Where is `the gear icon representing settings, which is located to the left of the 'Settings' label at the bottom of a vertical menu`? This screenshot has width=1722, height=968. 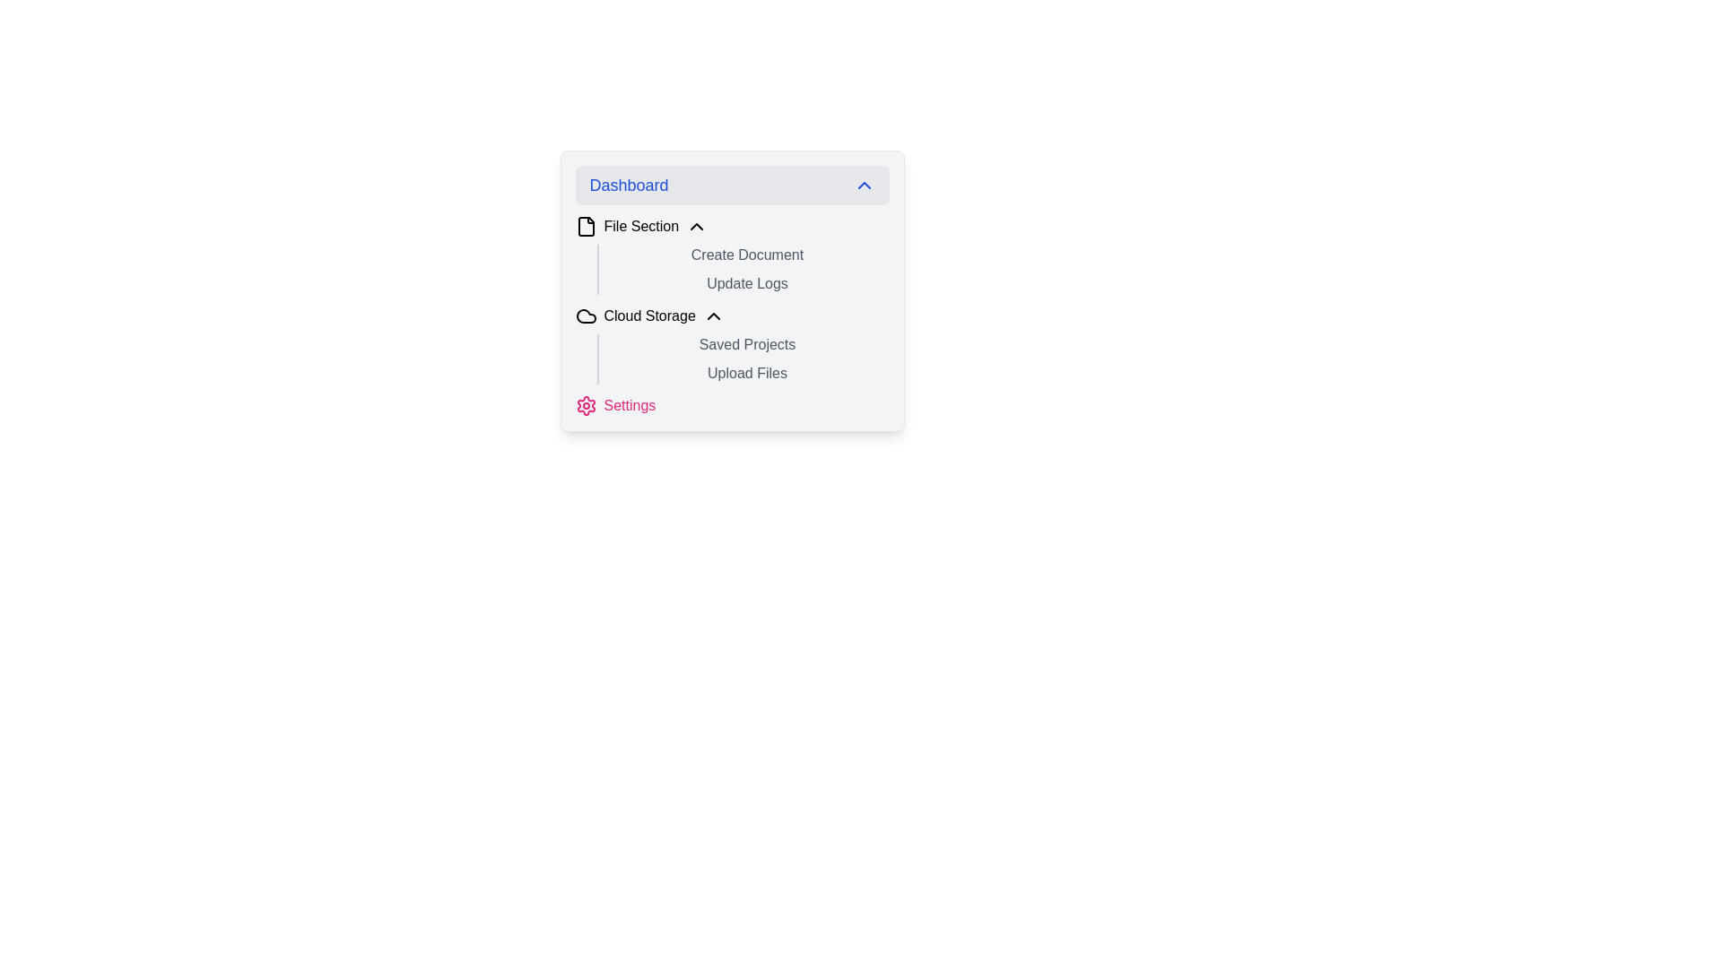 the gear icon representing settings, which is located to the left of the 'Settings' label at the bottom of a vertical menu is located at coordinates (586, 405).